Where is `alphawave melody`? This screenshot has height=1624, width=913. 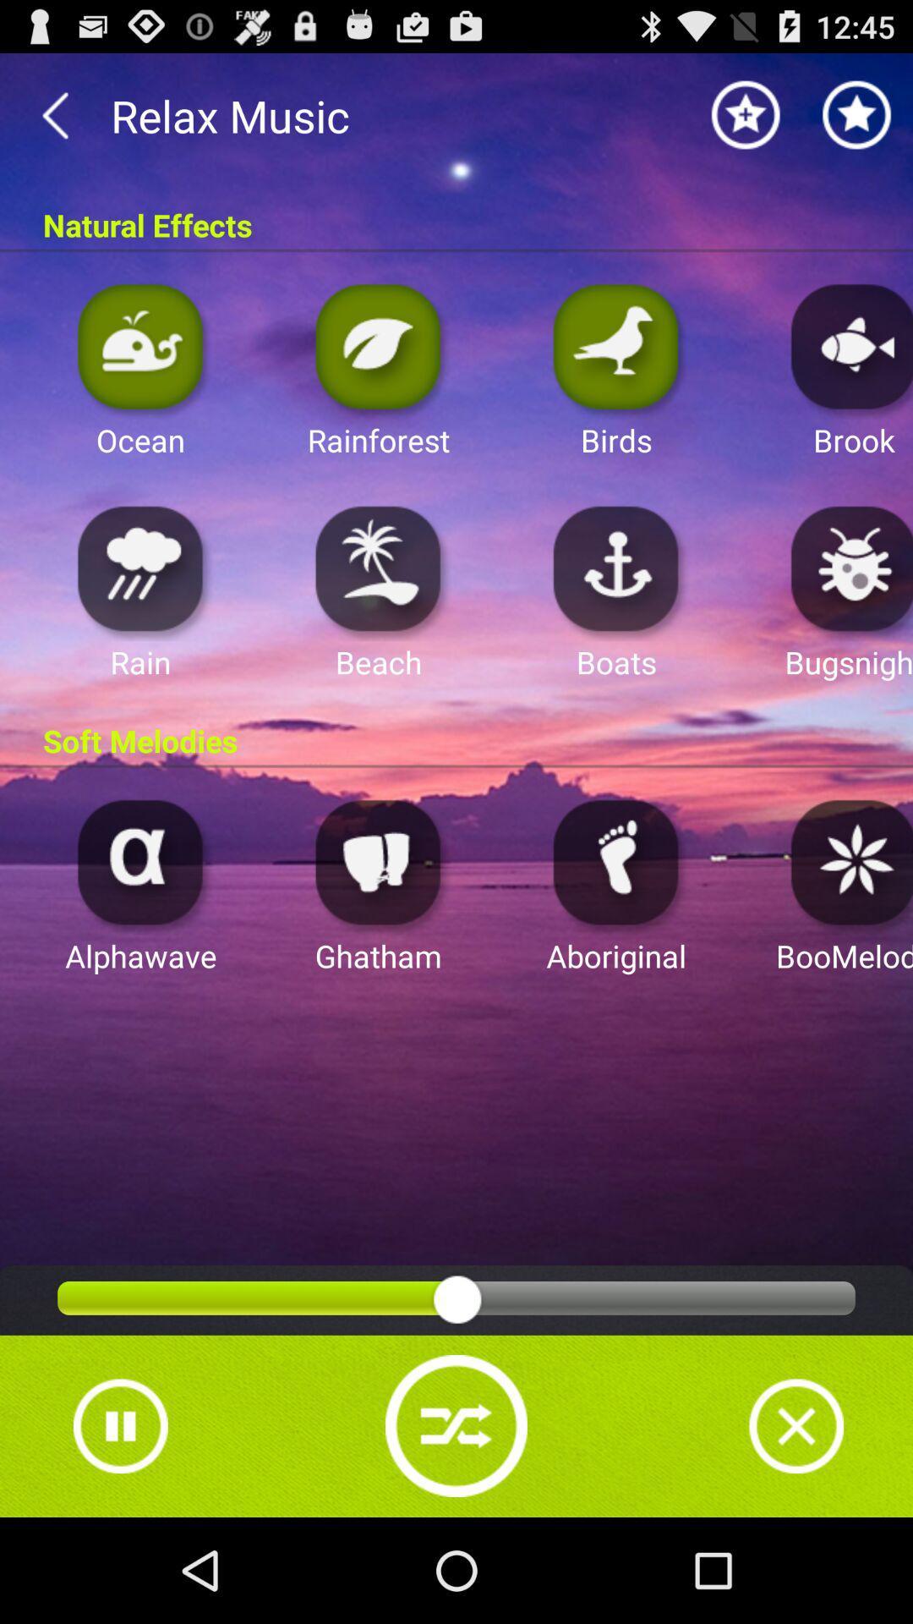 alphawave melody is located at coordinates (139, 861).